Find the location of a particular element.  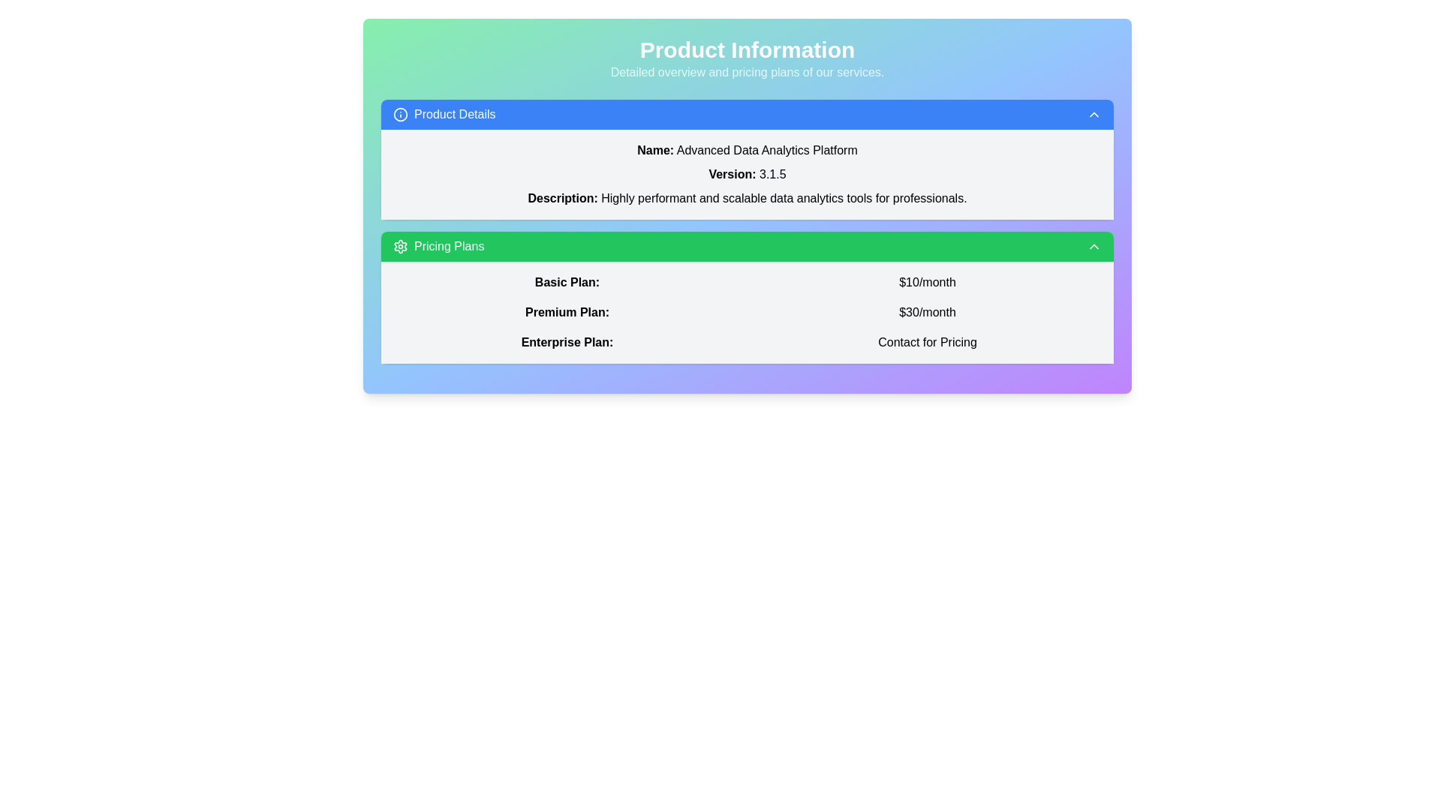

the 'Basic Plan' static text label in the pricing table to provide users with plan identification is located at coordinates (566, 283).